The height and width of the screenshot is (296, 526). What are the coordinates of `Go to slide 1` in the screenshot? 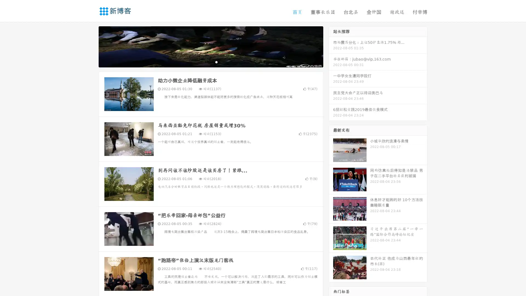 It's located at (205, 62).